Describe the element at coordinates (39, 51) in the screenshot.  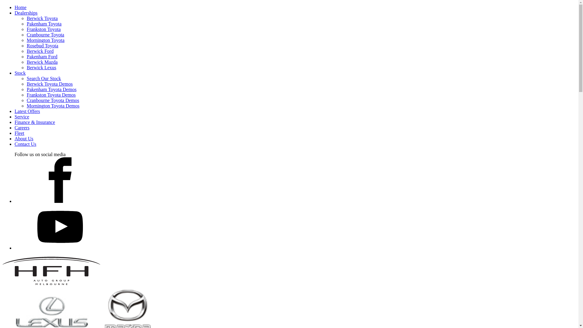
I see `'Berwick Ford'` at that location.